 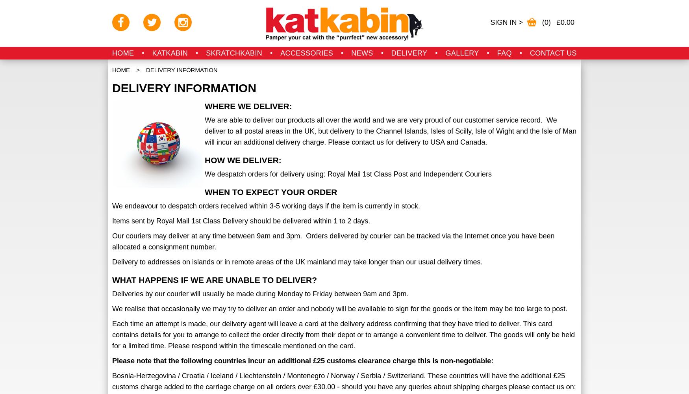 What do you see at coordinates (361, 53) in the screenshot?
I see `'News'` at bounding box center [361, 53].